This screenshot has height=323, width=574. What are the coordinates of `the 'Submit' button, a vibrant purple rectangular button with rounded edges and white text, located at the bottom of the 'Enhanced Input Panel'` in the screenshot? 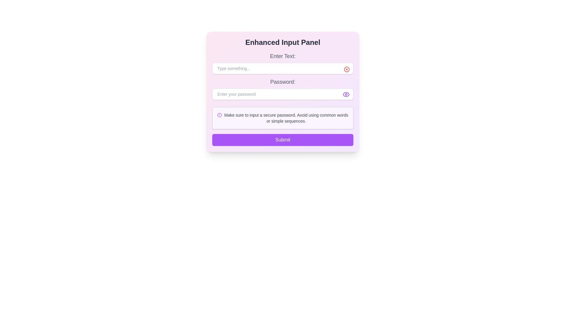 It's located at (282, 140).